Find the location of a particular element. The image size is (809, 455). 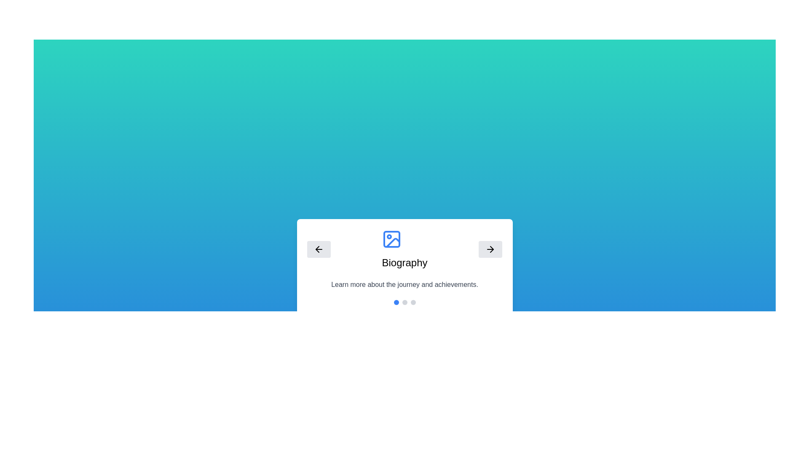

the description text of the current stage is located at coordinates (404, 284).